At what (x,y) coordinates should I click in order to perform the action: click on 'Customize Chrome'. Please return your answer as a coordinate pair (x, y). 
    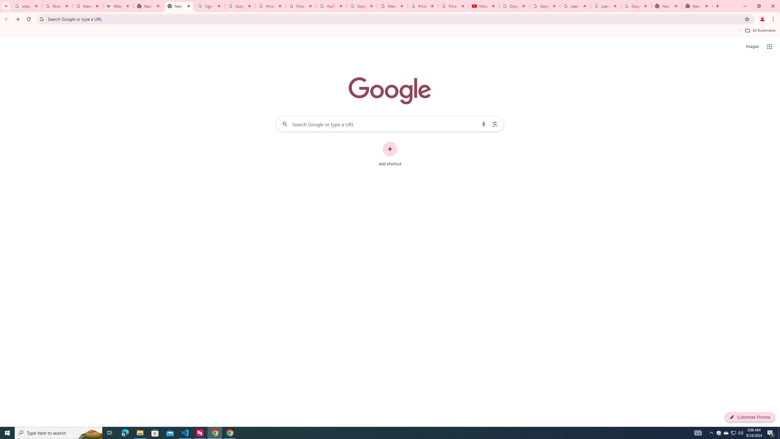
    Looking at the image, I should click on (750, 417).